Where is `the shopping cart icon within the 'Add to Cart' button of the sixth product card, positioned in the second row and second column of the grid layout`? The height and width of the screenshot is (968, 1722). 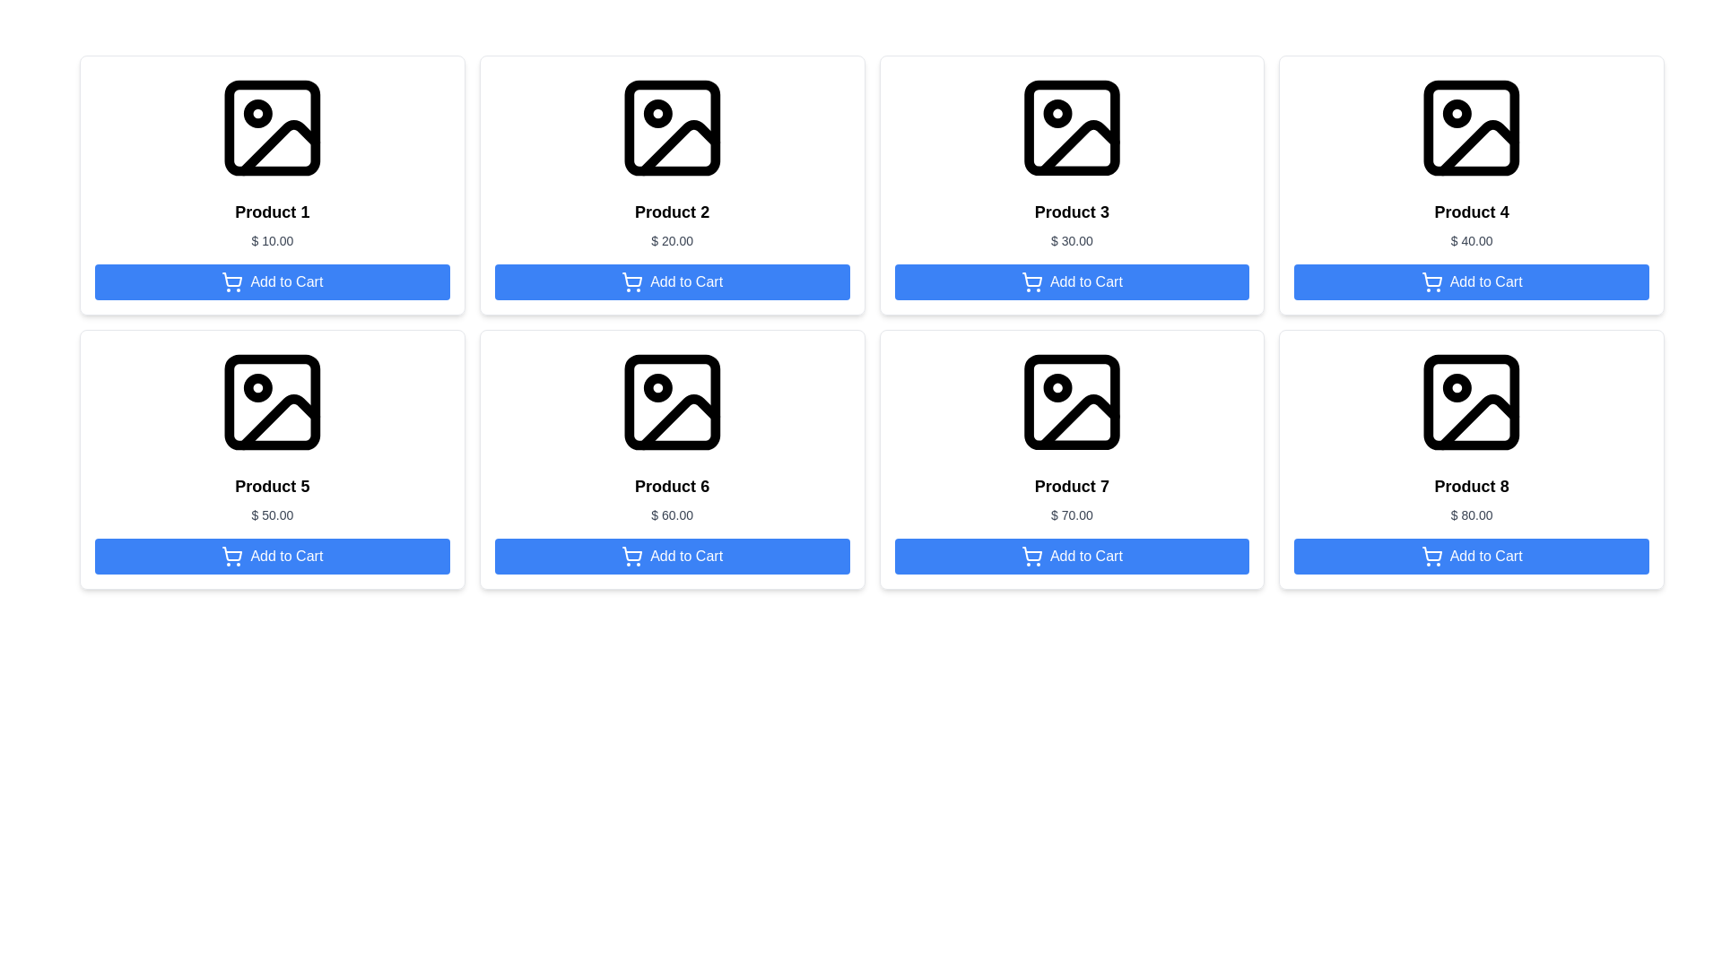 the shopping cart icon within the 'Add to Cart' button of the sixth product card, positioned in the second row and second column of the grid layout is located at coordinates (632, 556).